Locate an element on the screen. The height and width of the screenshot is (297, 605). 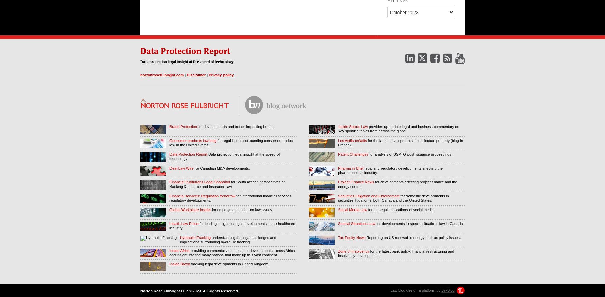
'protection' is located at coordinates (149, 61).